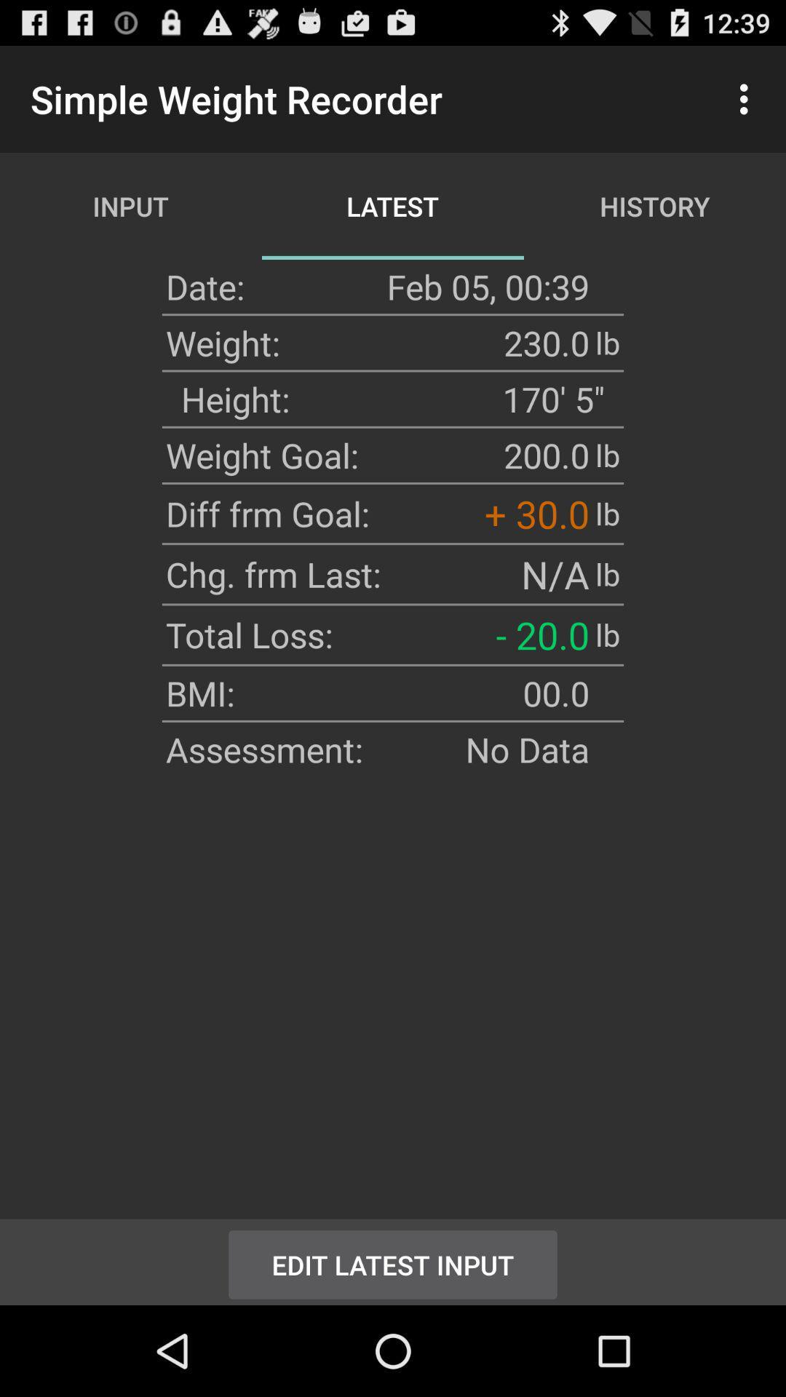 The height and width of the screenshot is (1397, 786). What do you see at coordinates (393, 1261) in the screenshot?
I see `the icon at the bottom` at bounding box center [393, 1261].